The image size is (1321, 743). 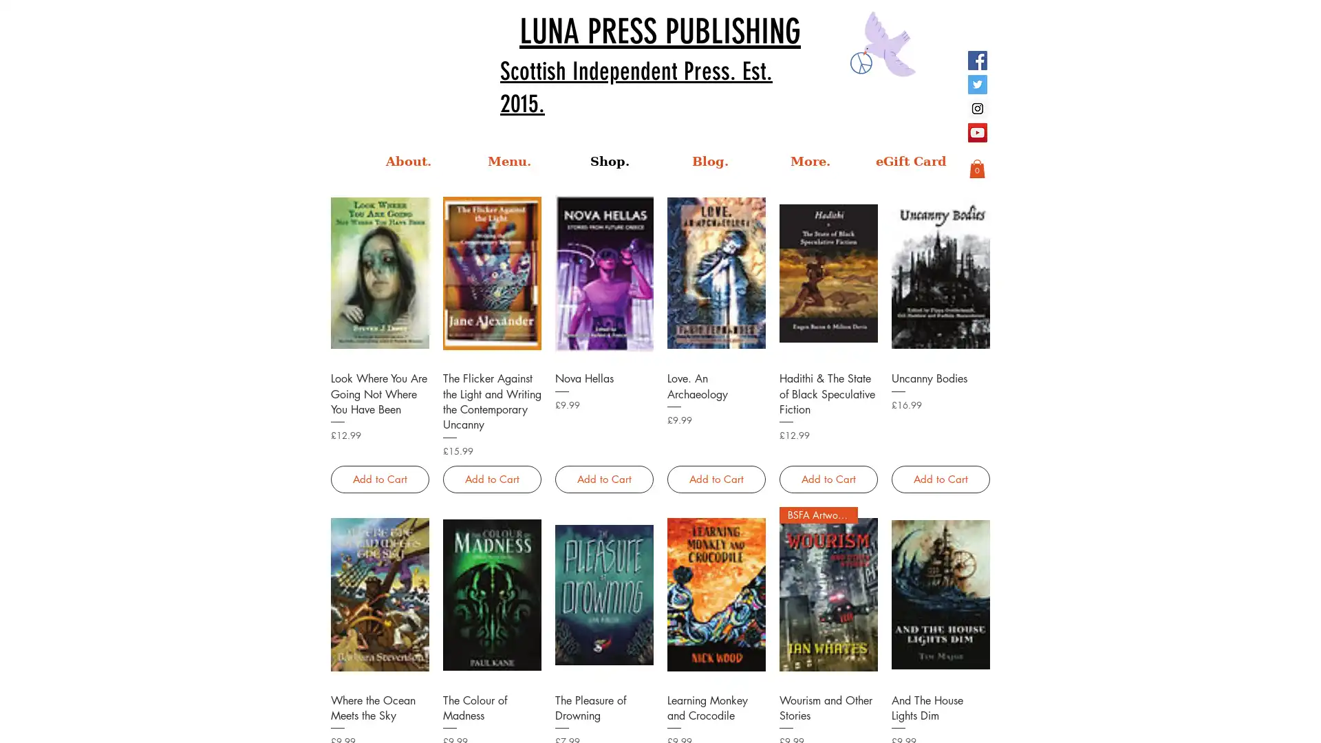 What do you see at coordinates (827, 377) in the screenshot?
I see `Quick View` at bounding box center [827, 377].